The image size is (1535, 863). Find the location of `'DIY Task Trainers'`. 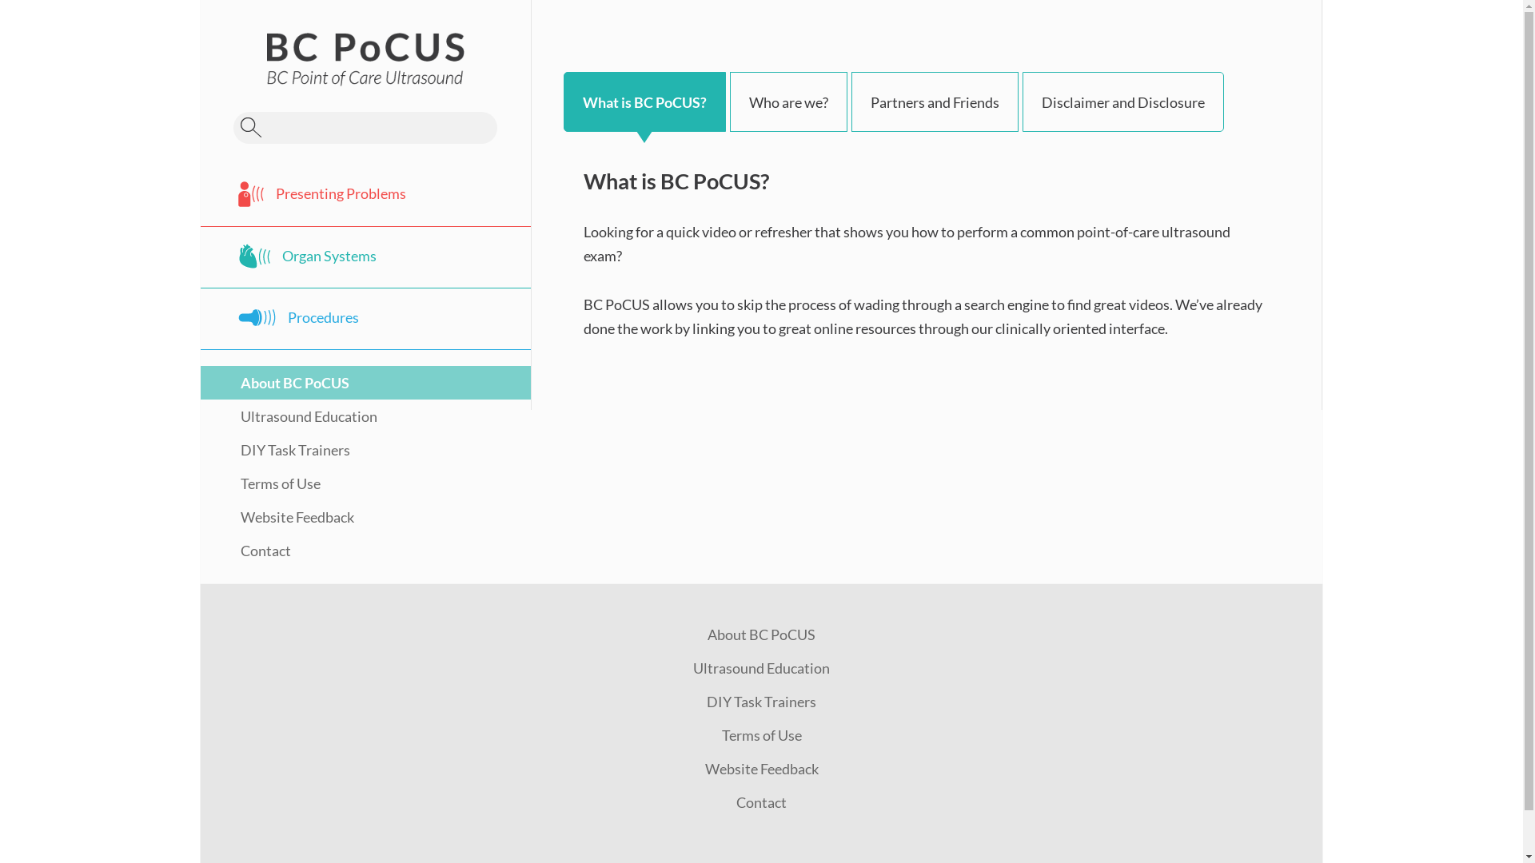

'DIY Task Trainers' is located at coordinates (760, 701).